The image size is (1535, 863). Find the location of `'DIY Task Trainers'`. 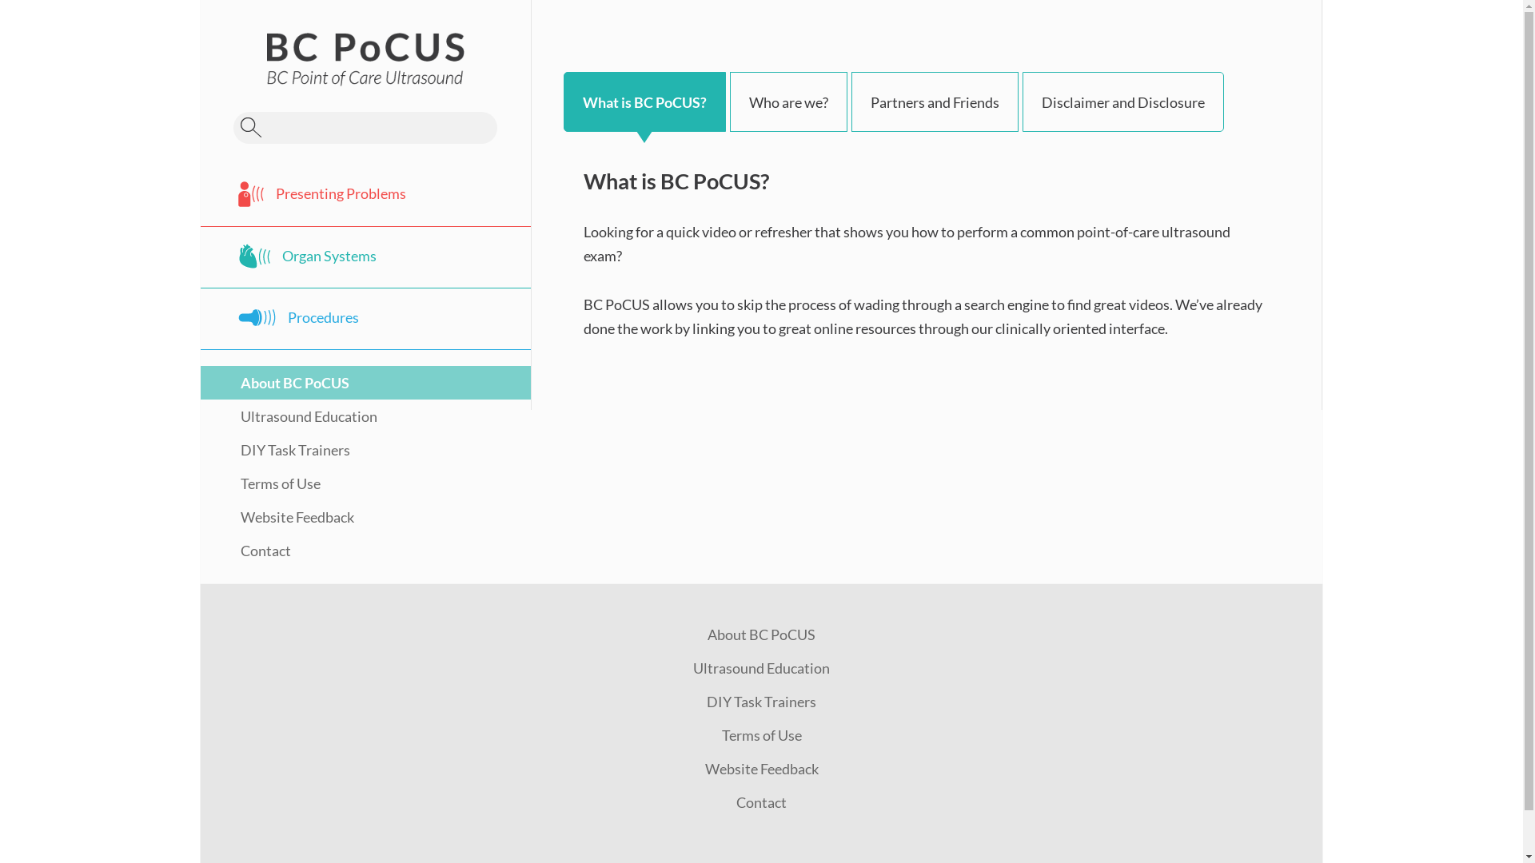

'DIY Task Trainers' is located at coordinates (760, 701).